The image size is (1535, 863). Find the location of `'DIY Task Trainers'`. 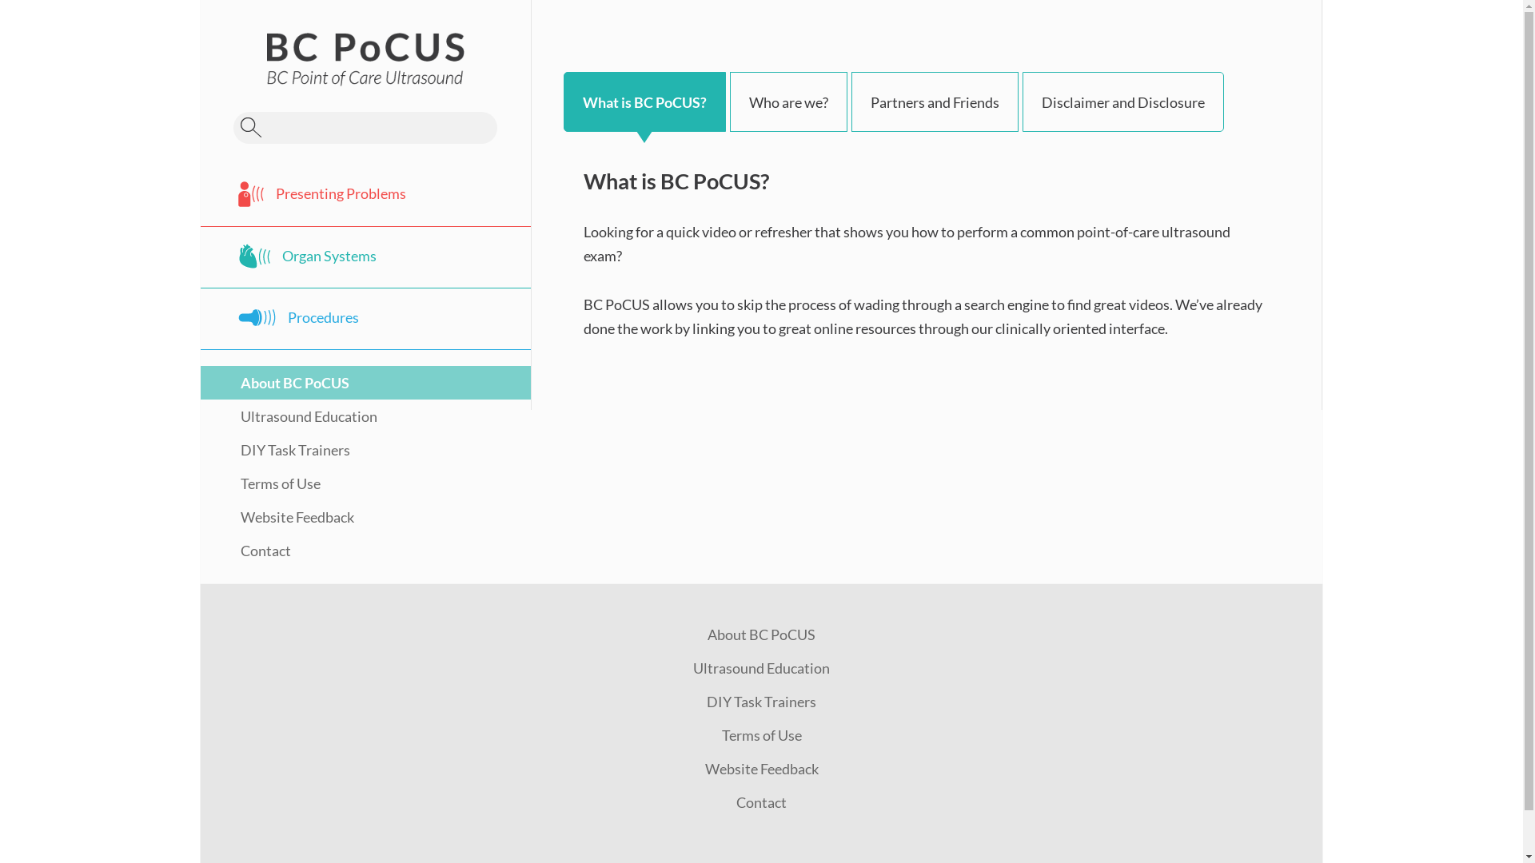

'DIY Task Trainers' is located at coordinates (760, 701).